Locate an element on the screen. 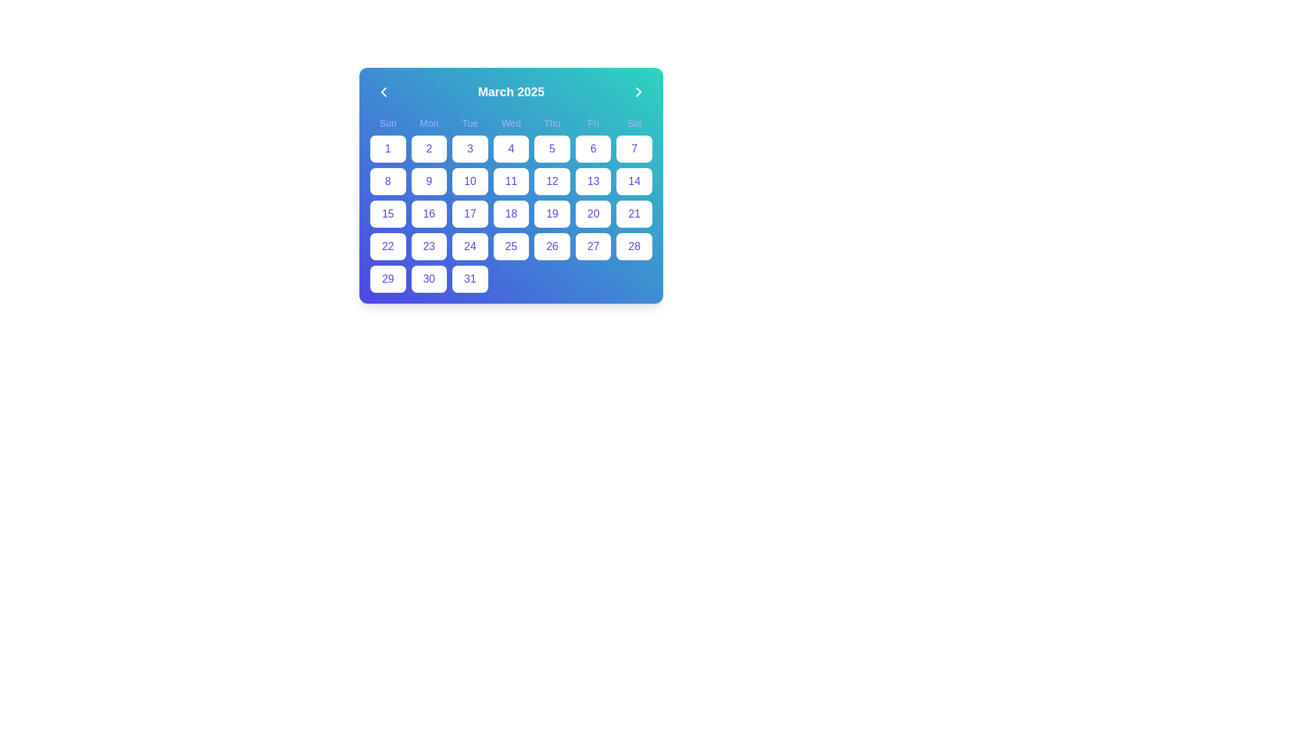 The width and height of the screenshot is (1302, 732). the interactive day selector button for the date '27' located in the sixth column under the 'Fri' header in the calendar application is located at coordinates (593, 246).